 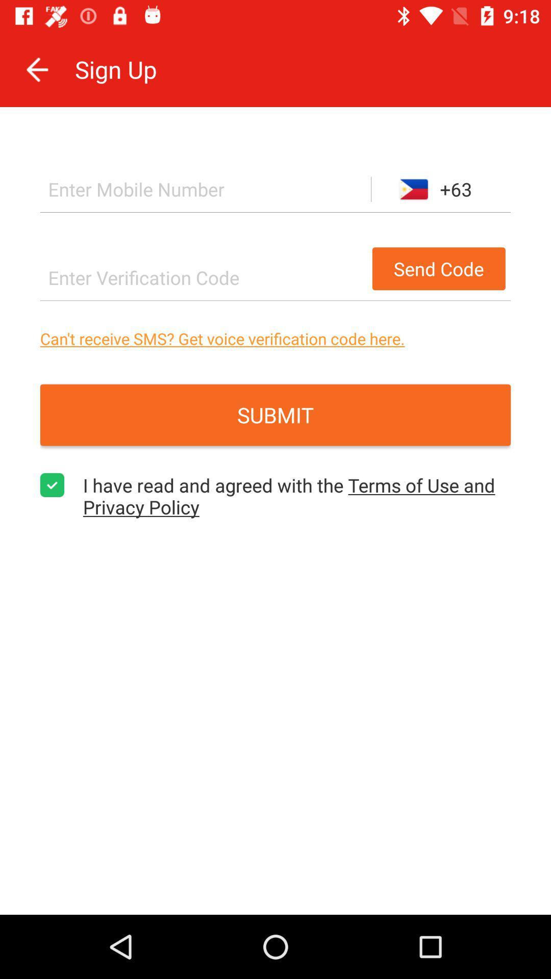 What do you see at coordinates (206, 189) in the screenshot?
I see `icon above send code` at bounding box center [206, 189].